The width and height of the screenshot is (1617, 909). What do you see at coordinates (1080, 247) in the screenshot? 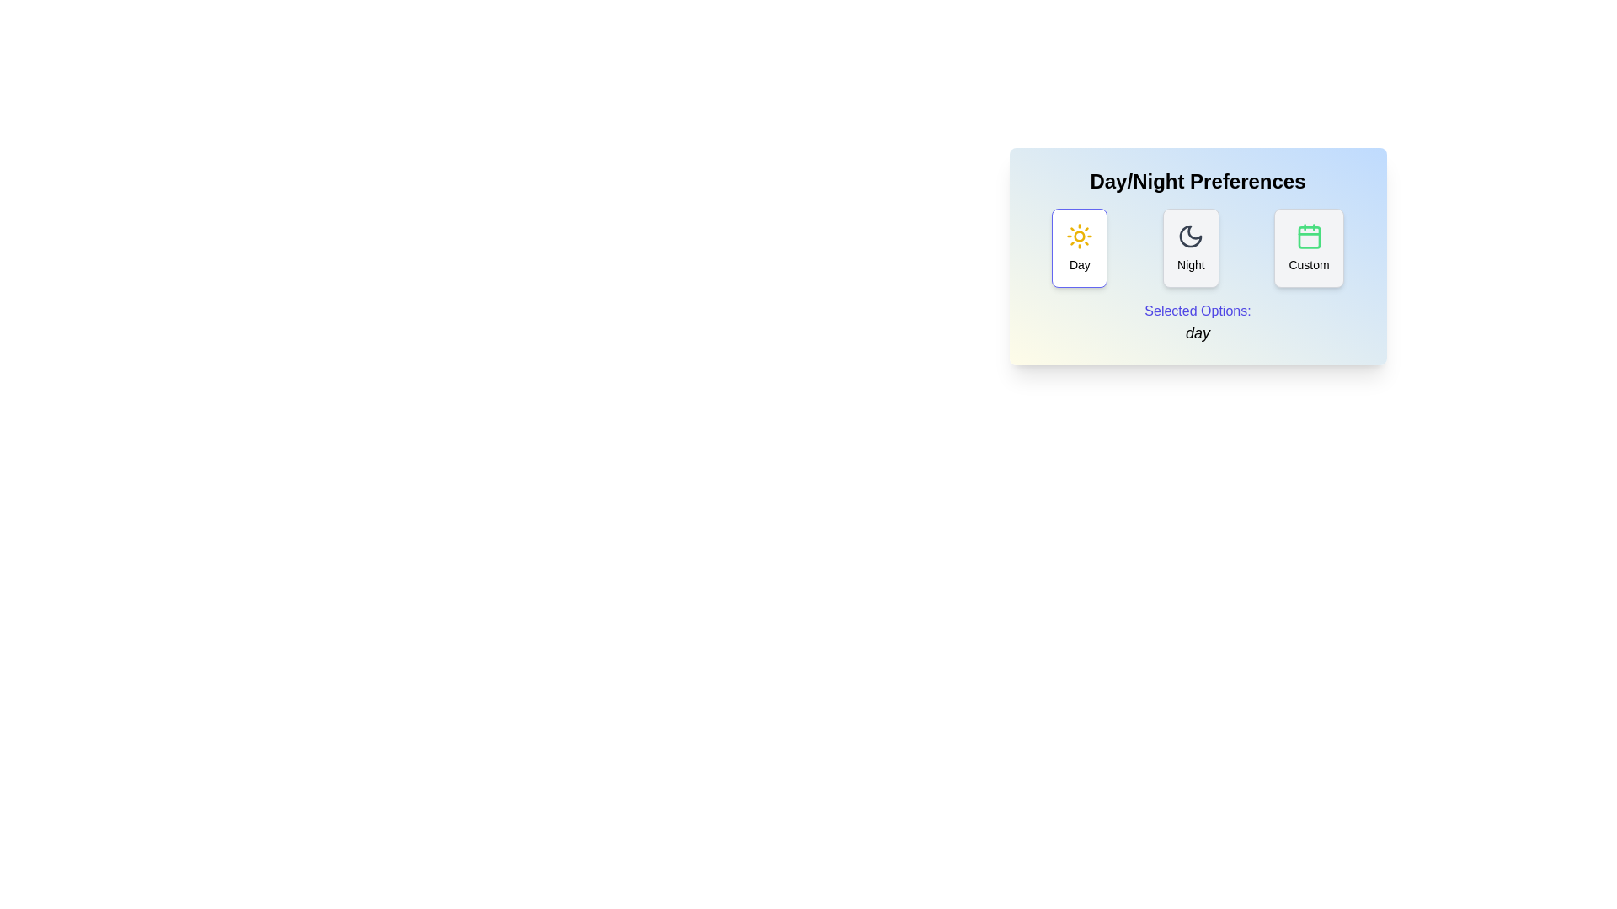
I see `the visual elements for the option Day to inspect its icon and label` at bounding box center [1080, 247].